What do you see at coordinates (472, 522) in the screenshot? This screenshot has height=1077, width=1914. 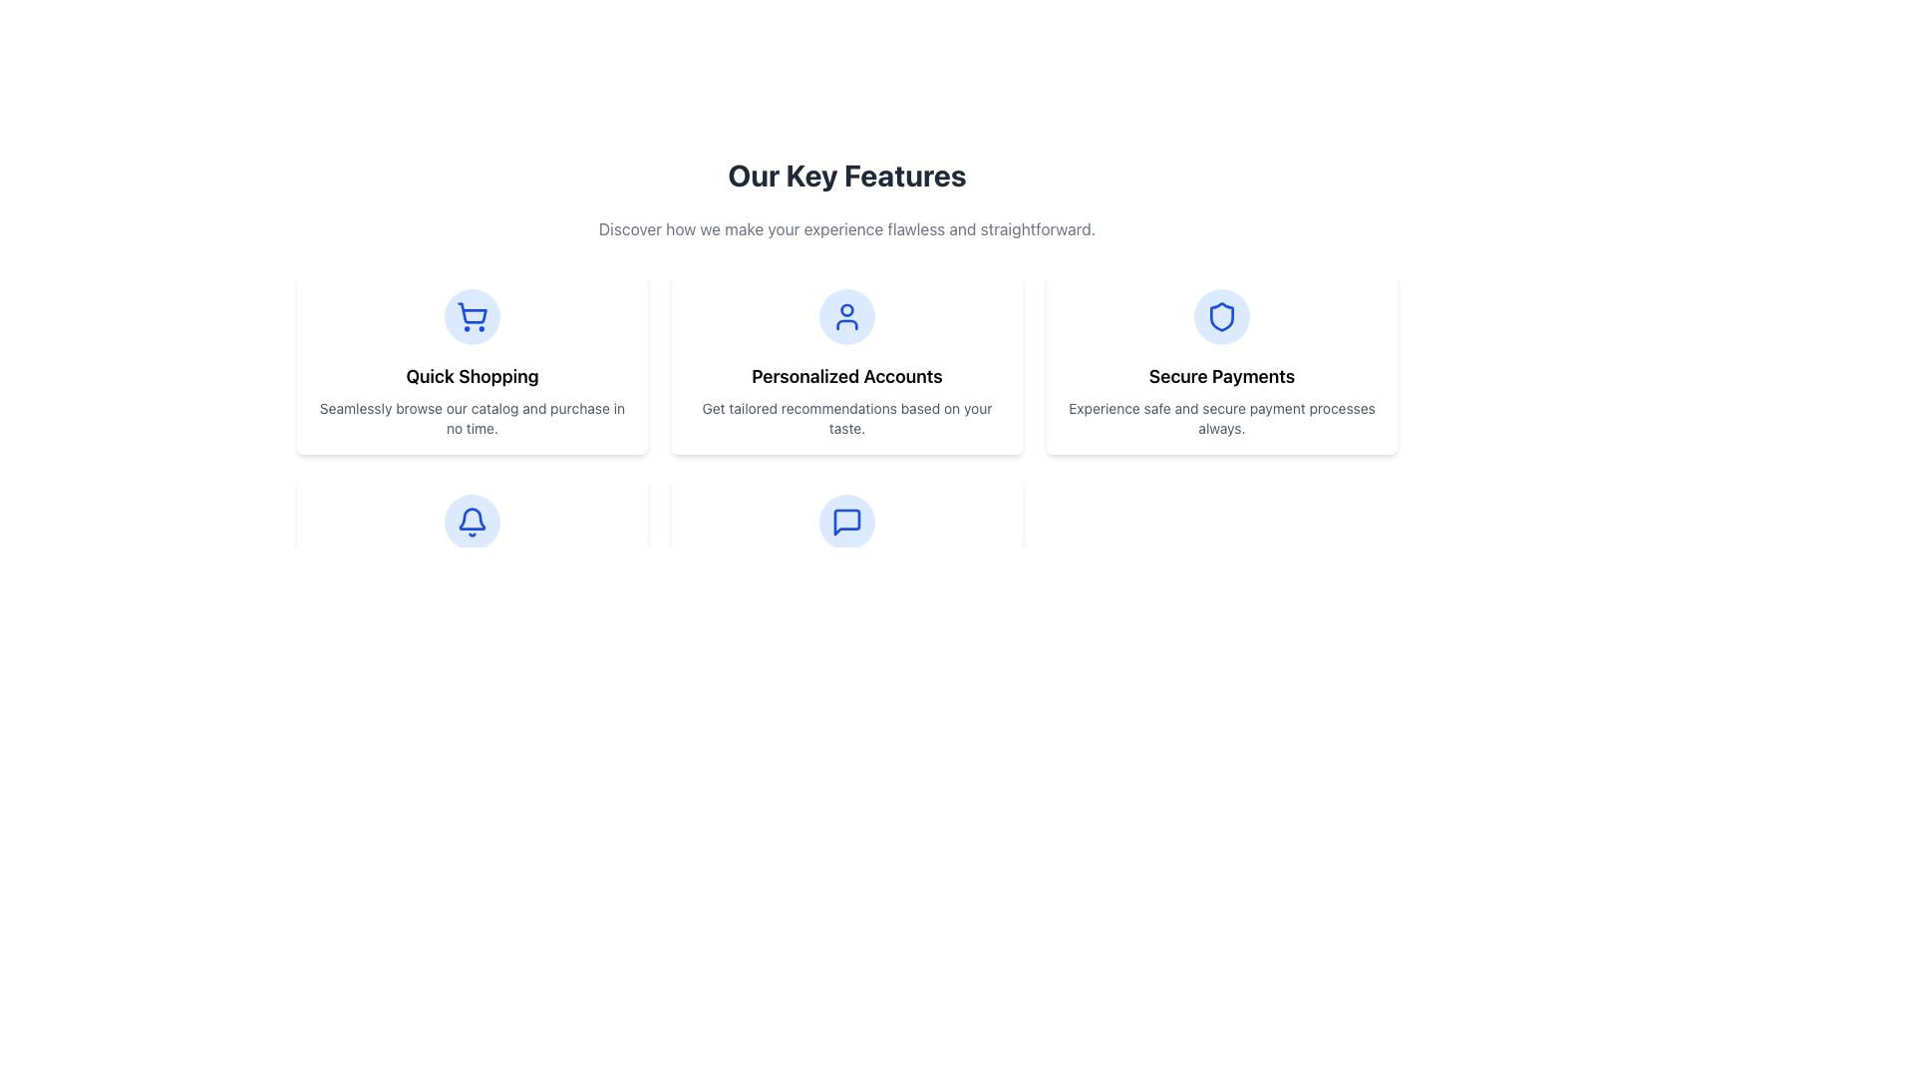 I see `the circular blue bell icon located within the 'Instant Notifications' card, which is centered horizontally and positioned above the text content` at bounding box center [472, 522].